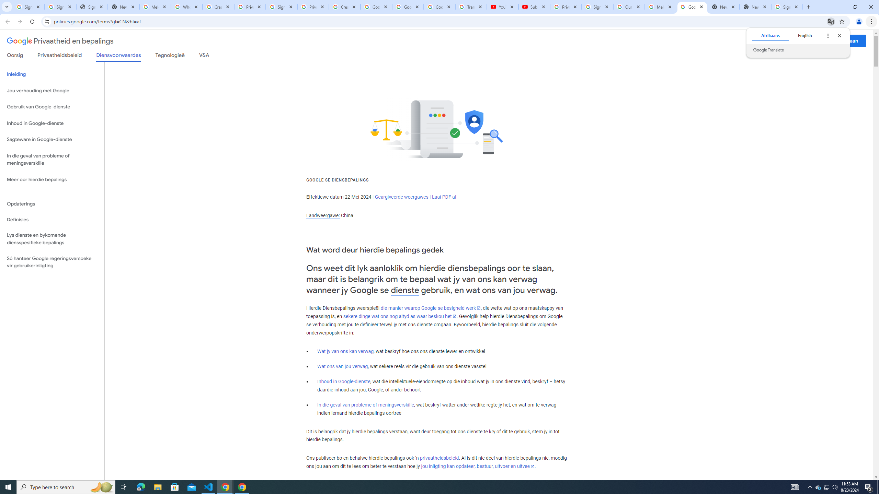  What do you see at coordinates (344, 7) in the screenshot?
I see `'Create your Google Account'` at bounding box center [344, 7].